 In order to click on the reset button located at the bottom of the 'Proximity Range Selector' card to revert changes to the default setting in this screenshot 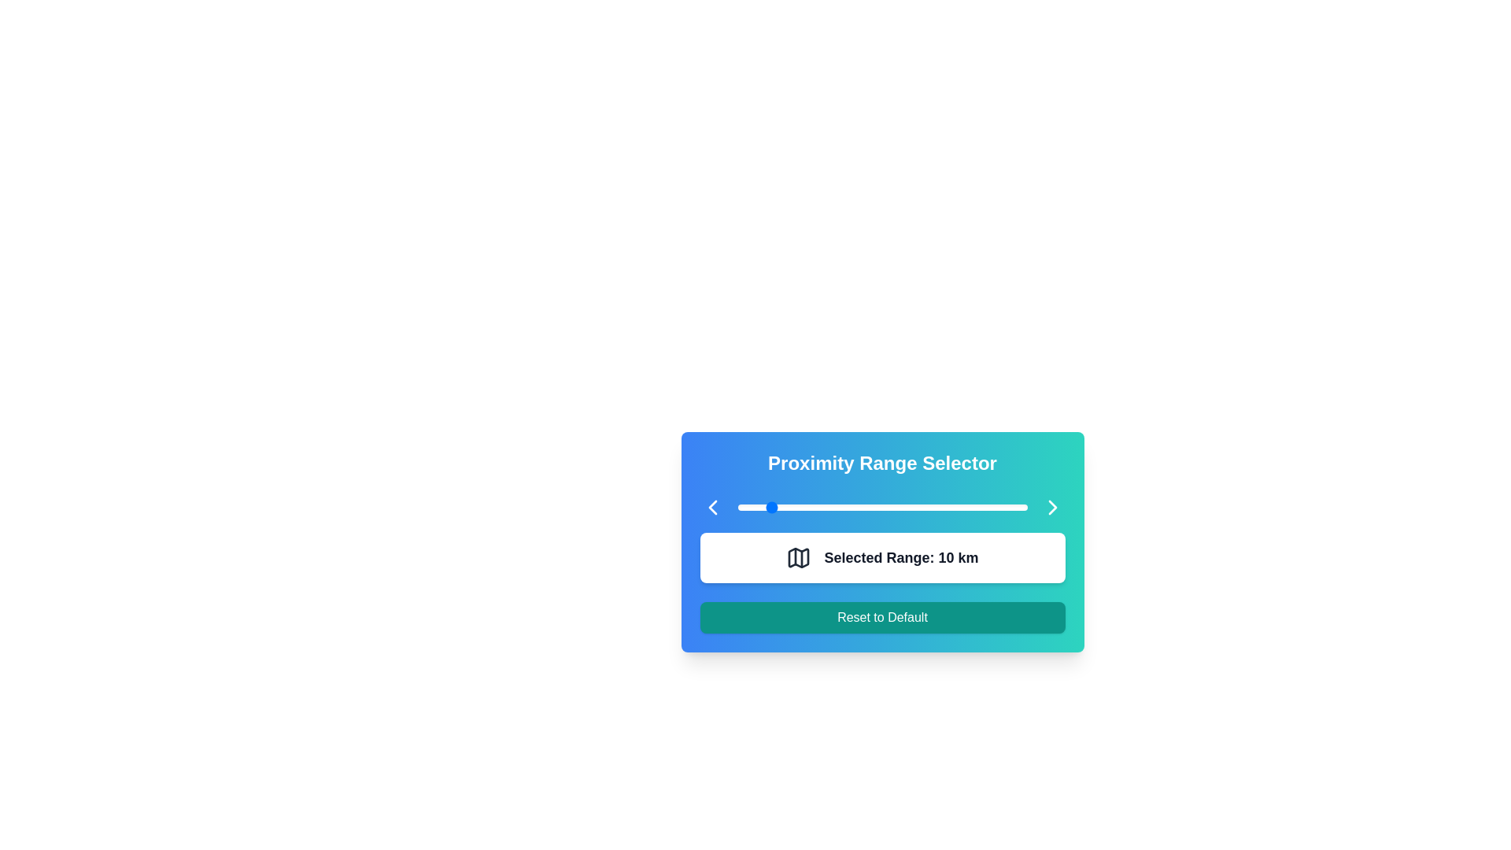, I will do `click(882, 617)`.